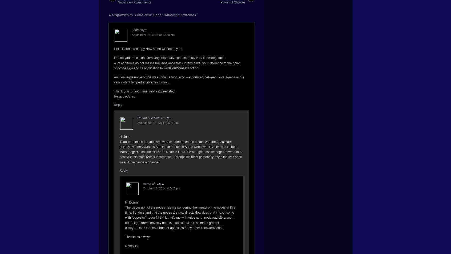  What do you see at coordinates (170, 58) in the screenshot?
I see `'I found your article on Libra very informative and certainly very knowledgeable.'` at bounding box center [170, 58].